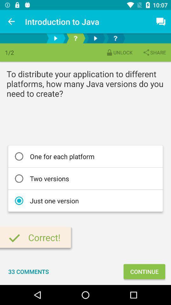  Describe the element at coordinates (144, 271) in the screenshot. I see `the icon below the just one version icon` at that location.